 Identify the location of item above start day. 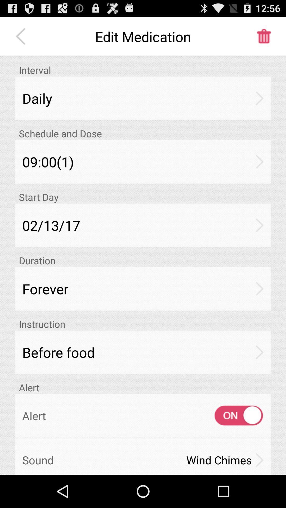
(143, 161).